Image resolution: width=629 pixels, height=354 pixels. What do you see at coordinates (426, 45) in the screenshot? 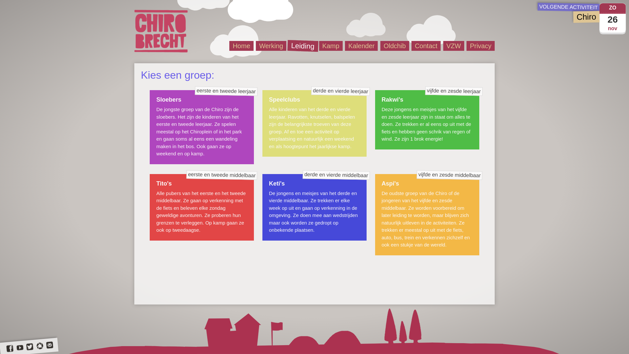
I see `'Contact'` at bounding box center [426, 45].